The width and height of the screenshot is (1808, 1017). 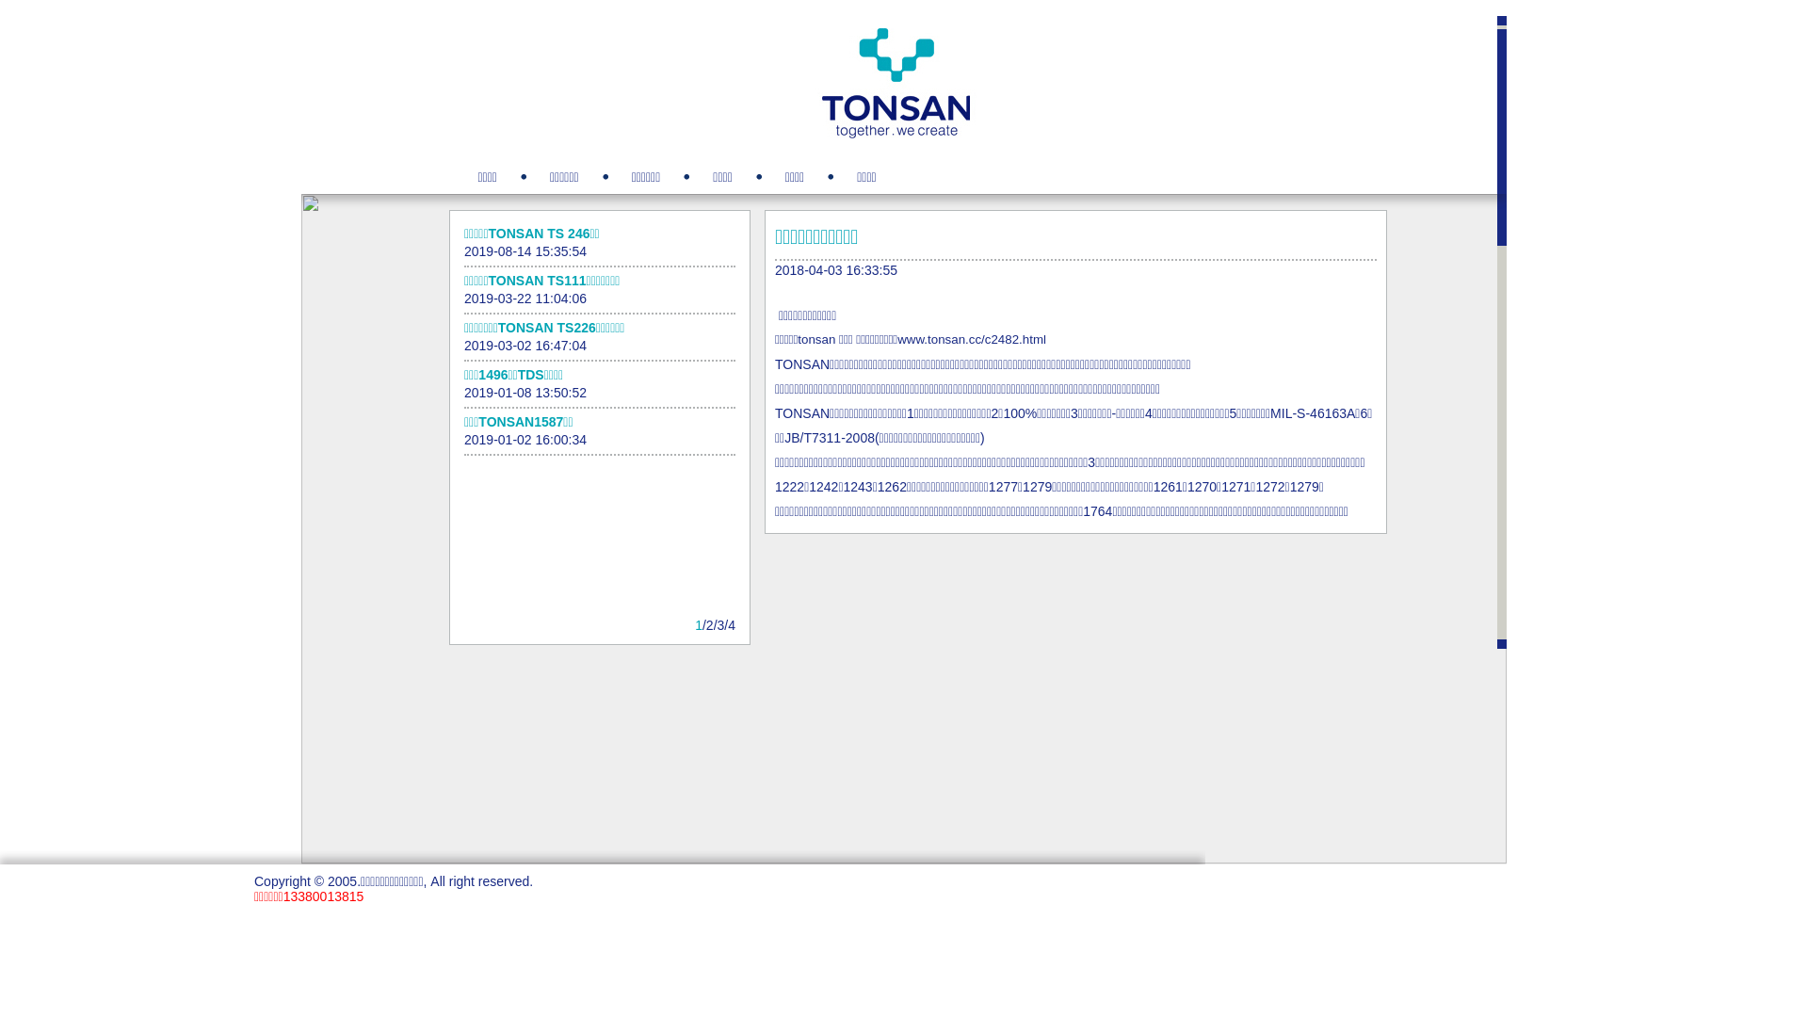 I want to click on '4', so click(x=731, y=624).